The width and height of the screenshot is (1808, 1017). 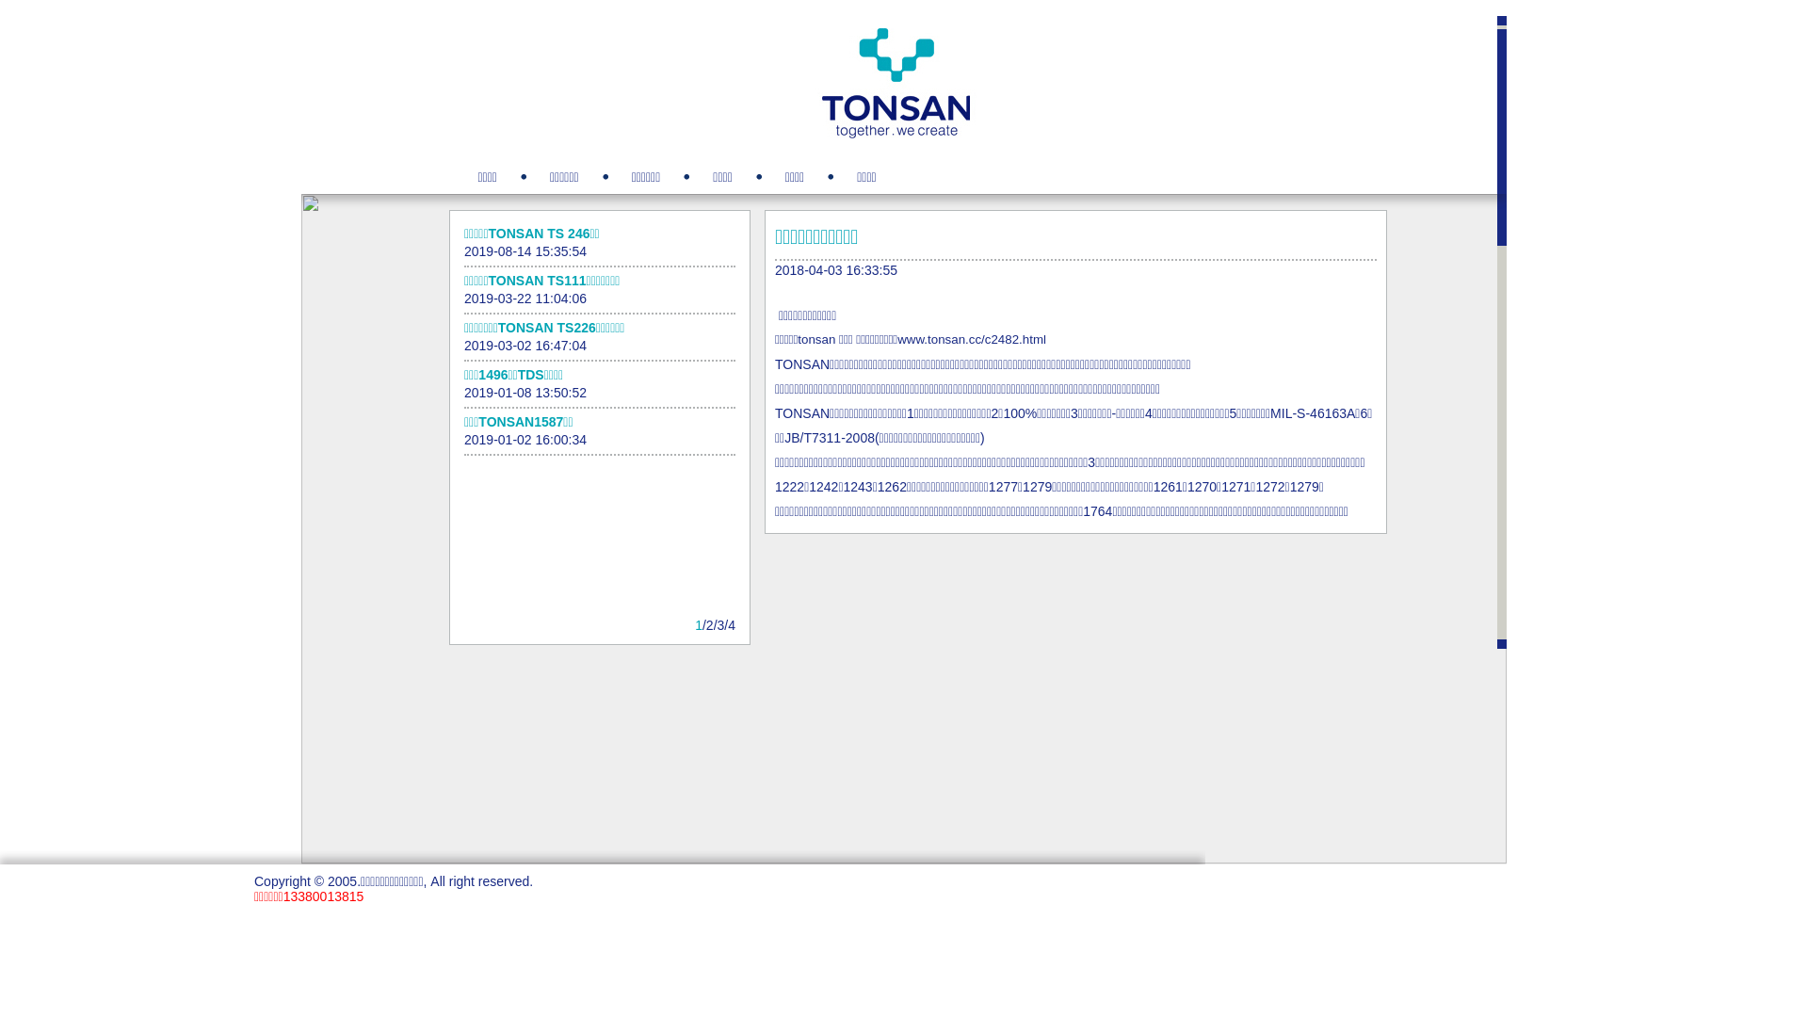 I want to click on '4', so click(x=731, y=624).